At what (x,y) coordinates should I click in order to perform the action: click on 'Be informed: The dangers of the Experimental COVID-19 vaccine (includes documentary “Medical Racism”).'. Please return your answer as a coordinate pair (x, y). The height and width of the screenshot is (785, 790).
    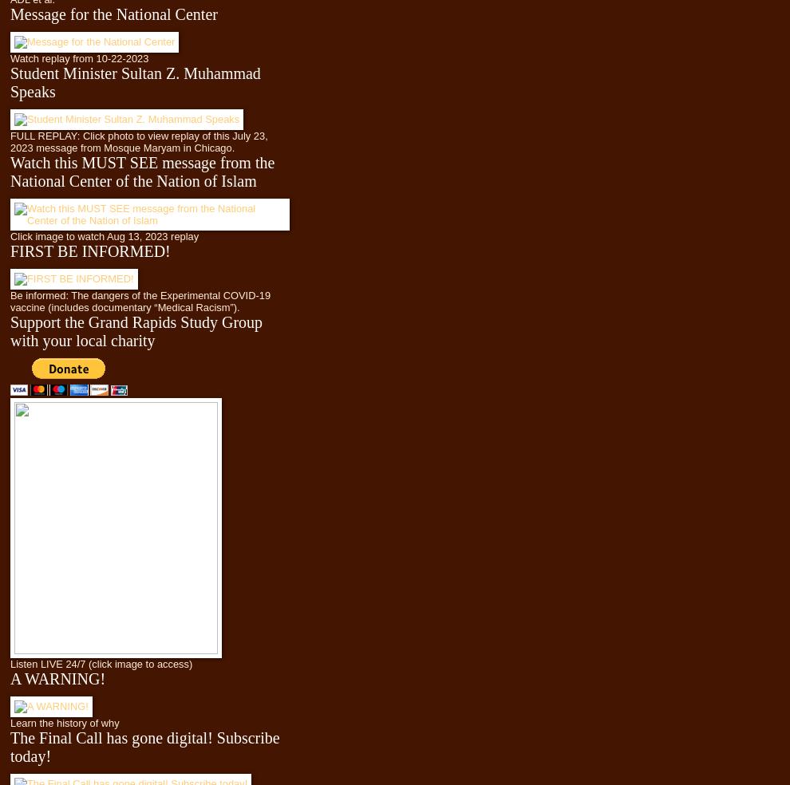
    Looking at the image, I should click on (140, 300).